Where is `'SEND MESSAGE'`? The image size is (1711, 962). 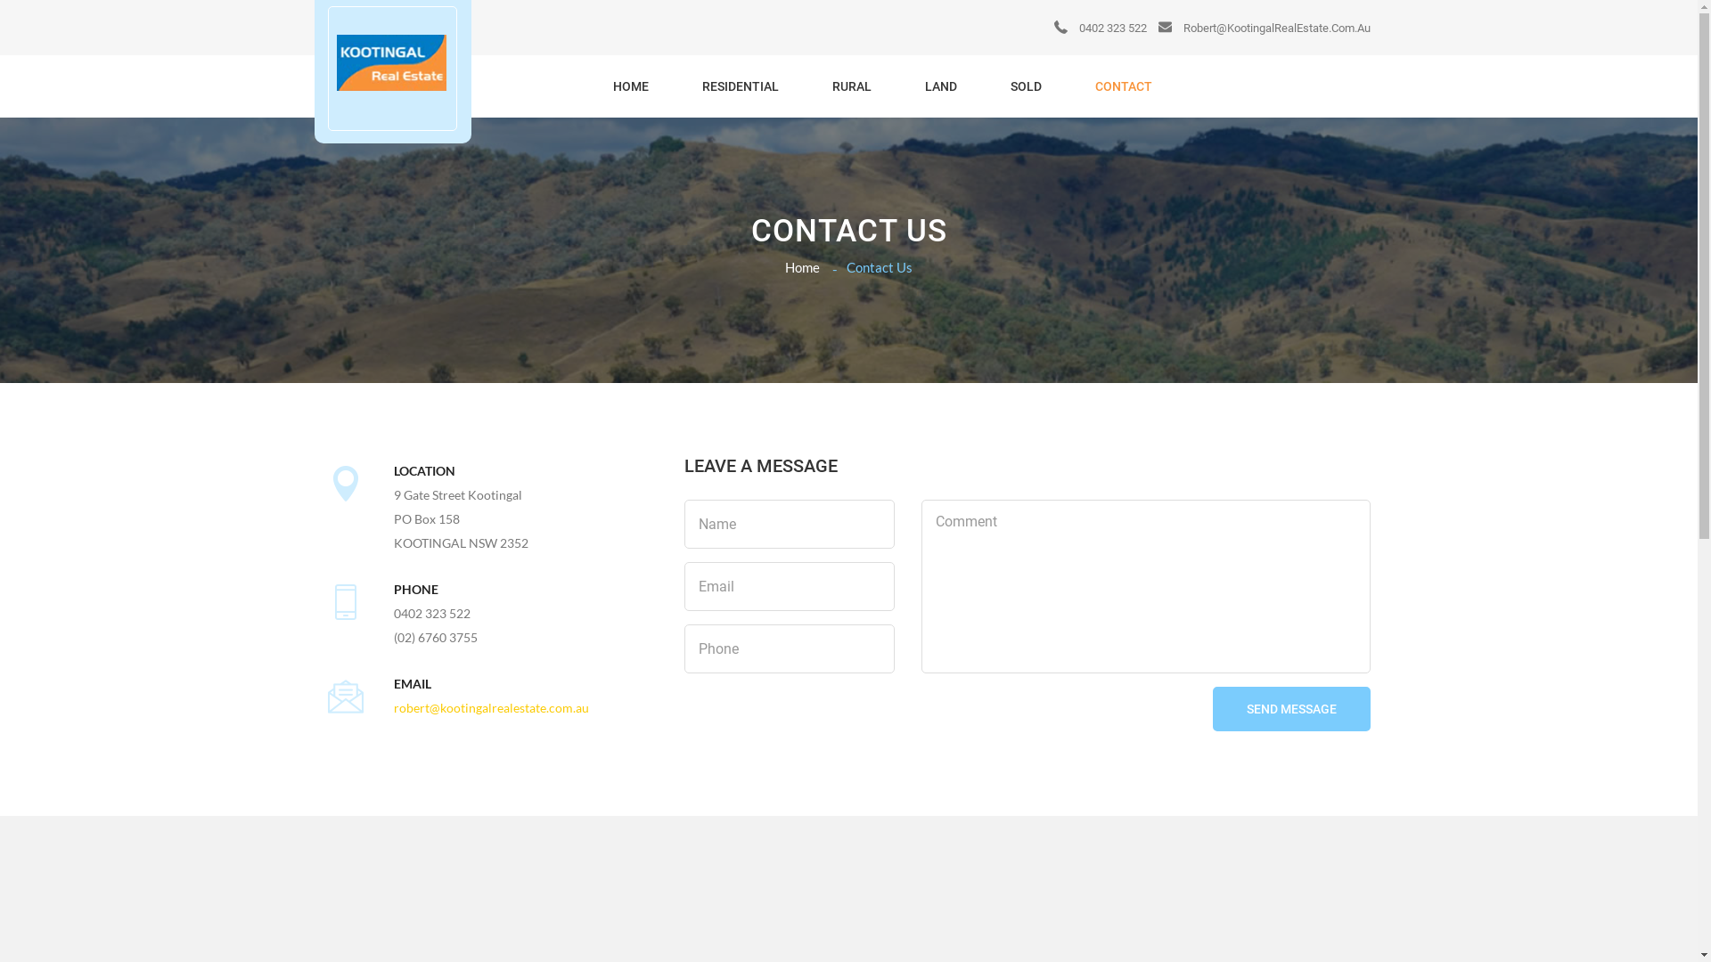 'SEND MESSAGE' is located at coordinates (1290, 707).